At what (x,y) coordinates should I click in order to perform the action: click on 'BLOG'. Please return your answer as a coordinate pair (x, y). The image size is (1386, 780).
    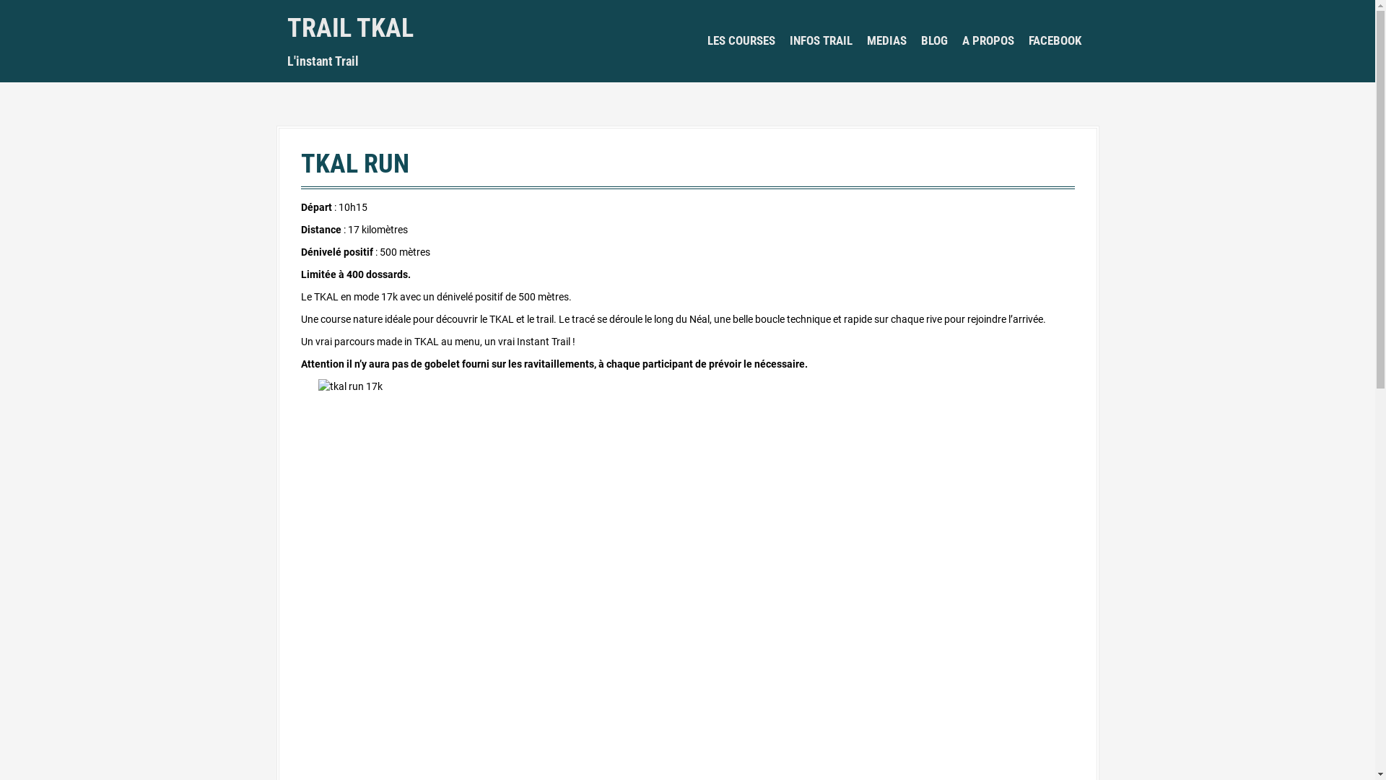
    Looking at the image, I should click on (934, 40).